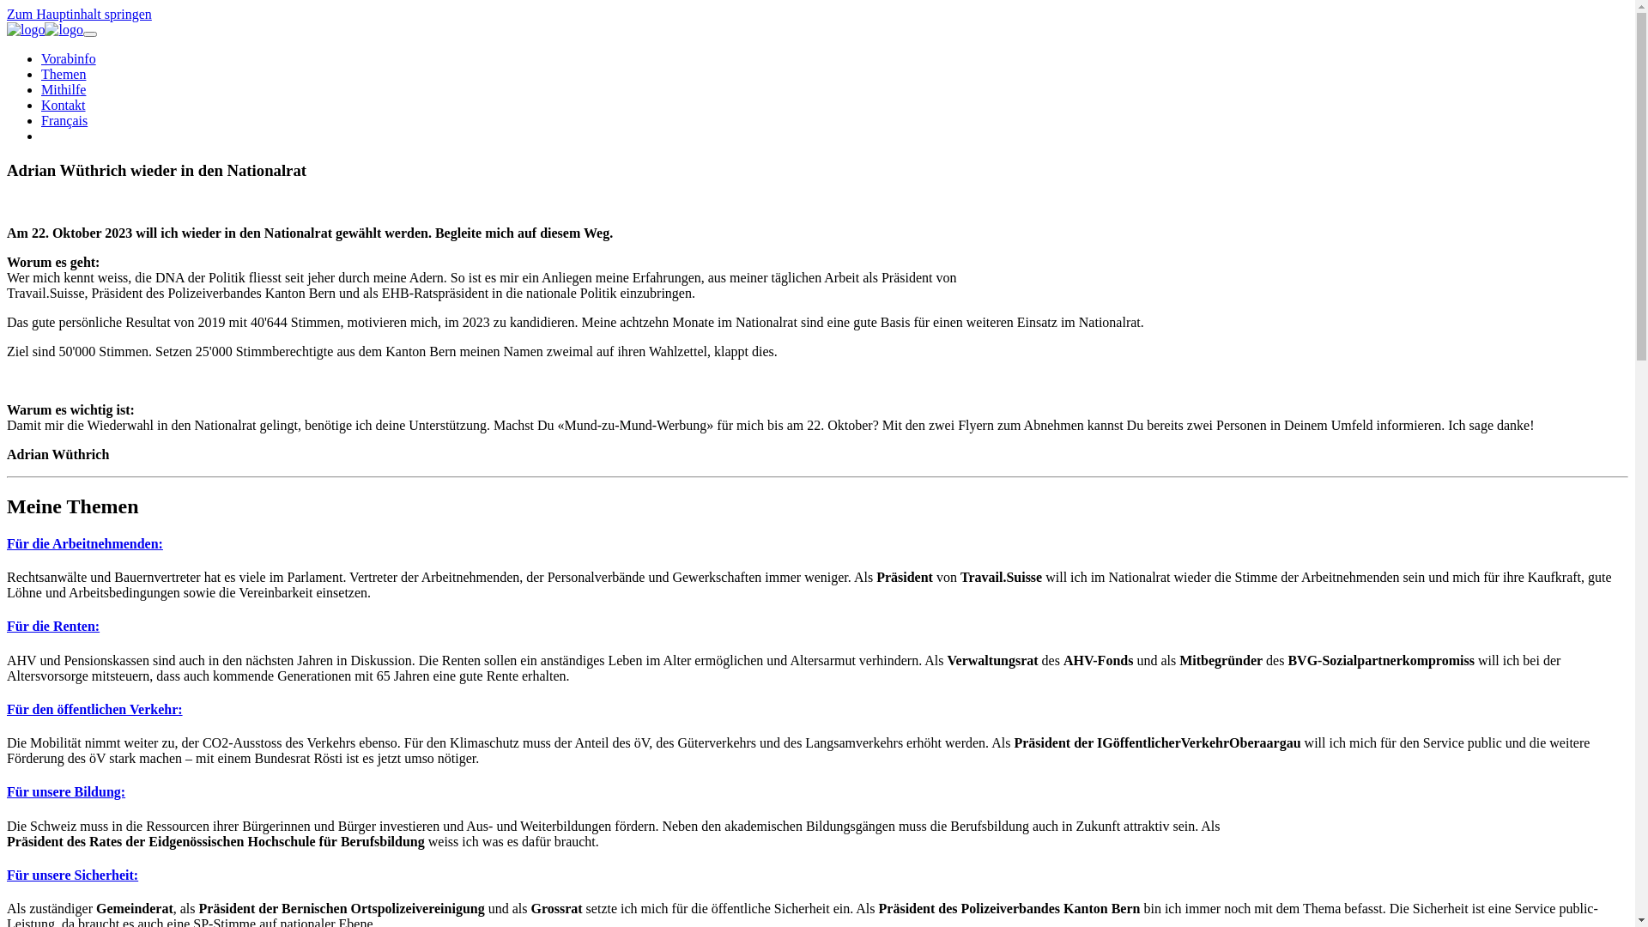 Image resolution: width=1648 pixels, height=927 pixels. I want to click on 'Themen', so click(63, 73).